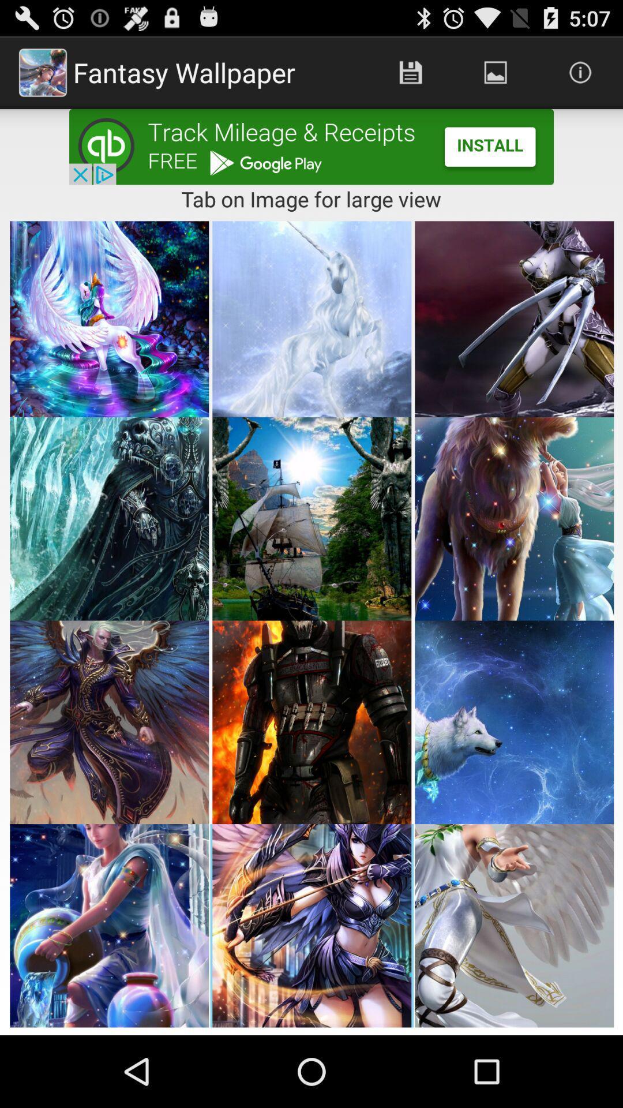 The height and width of the screenshot is (1108, 623). I want to click on the last row second image at the bottom, so click(311, 926).